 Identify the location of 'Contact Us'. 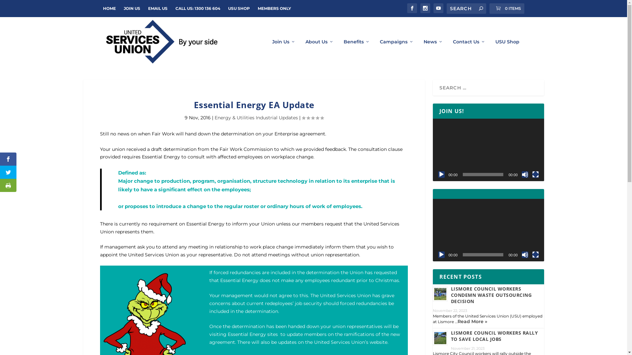
(469, 52).